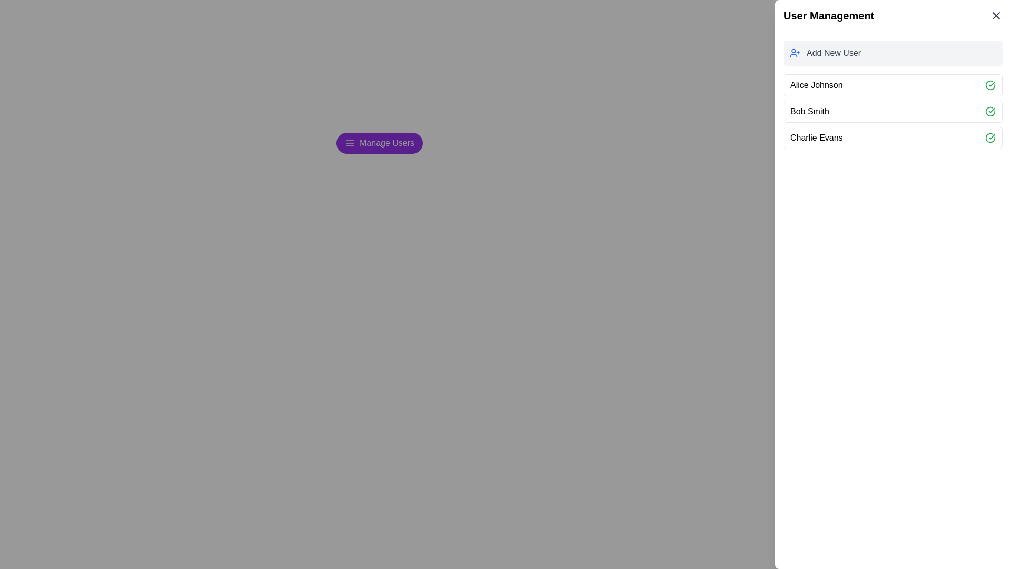 The height and width of the screenshot is (569, 1011). What do you see at coordinates (990, 85) in the screenshot?
I see `the checkmark icon in the User Management section, which is located next to the 'Alice Johnson' user entry` at bounding box center [990, 85].